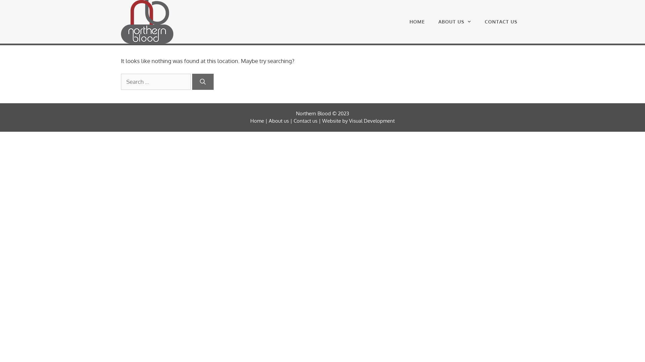 Image resolution: width=645 pixels, height=362 pixels. What do you see at coordinates (306, 121) in the screenshot?
I see `'Contact us'` at bounding box center [306, 121].